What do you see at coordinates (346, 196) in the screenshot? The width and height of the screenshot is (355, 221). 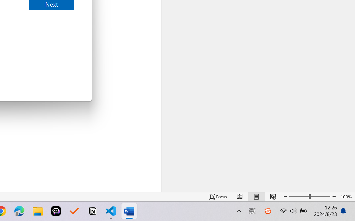 I see `'Zoom 100%'` at bounding box center [346, 196].